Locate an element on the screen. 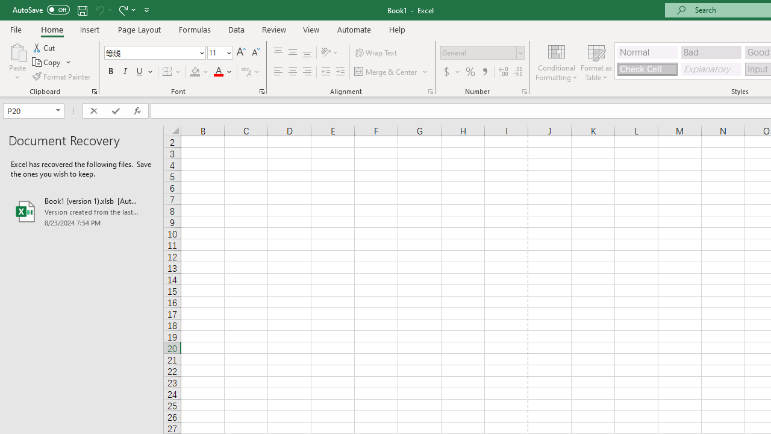  'Fill Color' is located at coordinates (199, 72).